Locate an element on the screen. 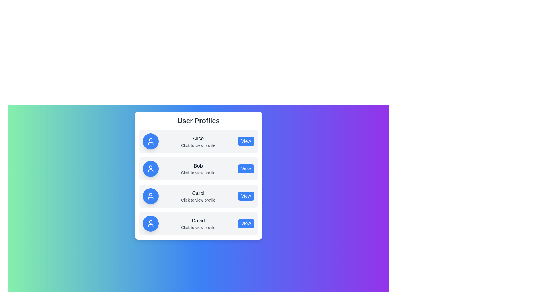 The image size is (547, 308). the circular graphic element located at the top of the user icon for the user profile labeled 'David', which is the fourth profile in the vertical list is located at coordinates (150, 222).